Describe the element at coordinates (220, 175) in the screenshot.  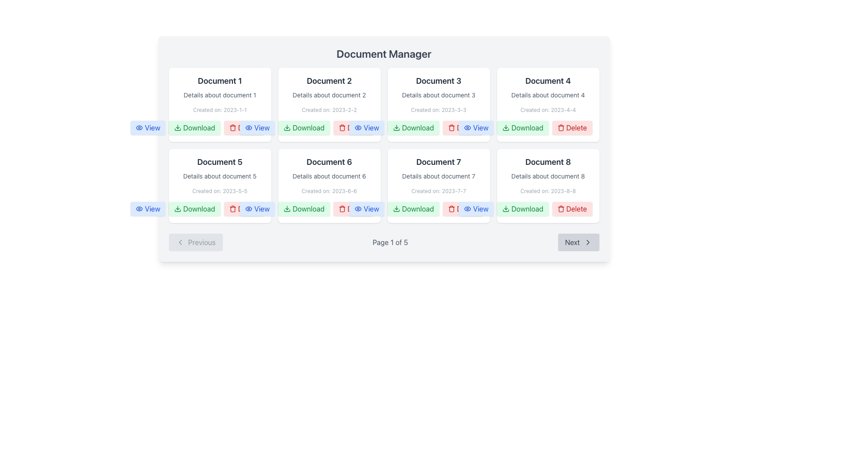
I see `the Text block displaying detailed information about 'Document 5' located in the second row, first column of the 'Document Manager' interface` at that location.